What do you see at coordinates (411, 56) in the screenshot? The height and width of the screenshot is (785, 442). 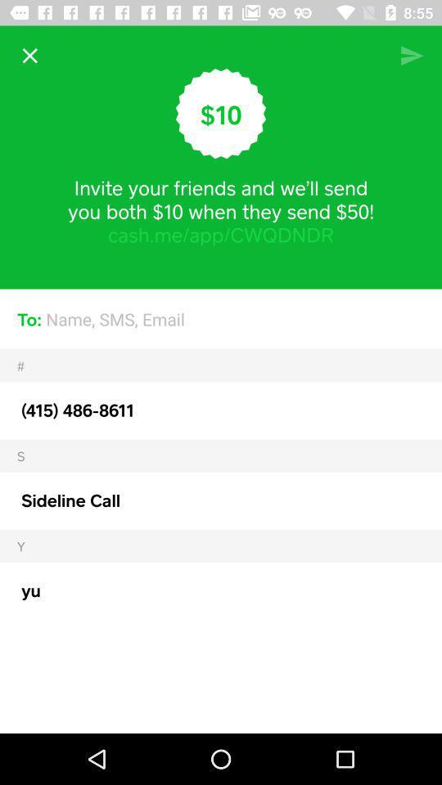 I see `the send icon` at bounding box center [411, 56].